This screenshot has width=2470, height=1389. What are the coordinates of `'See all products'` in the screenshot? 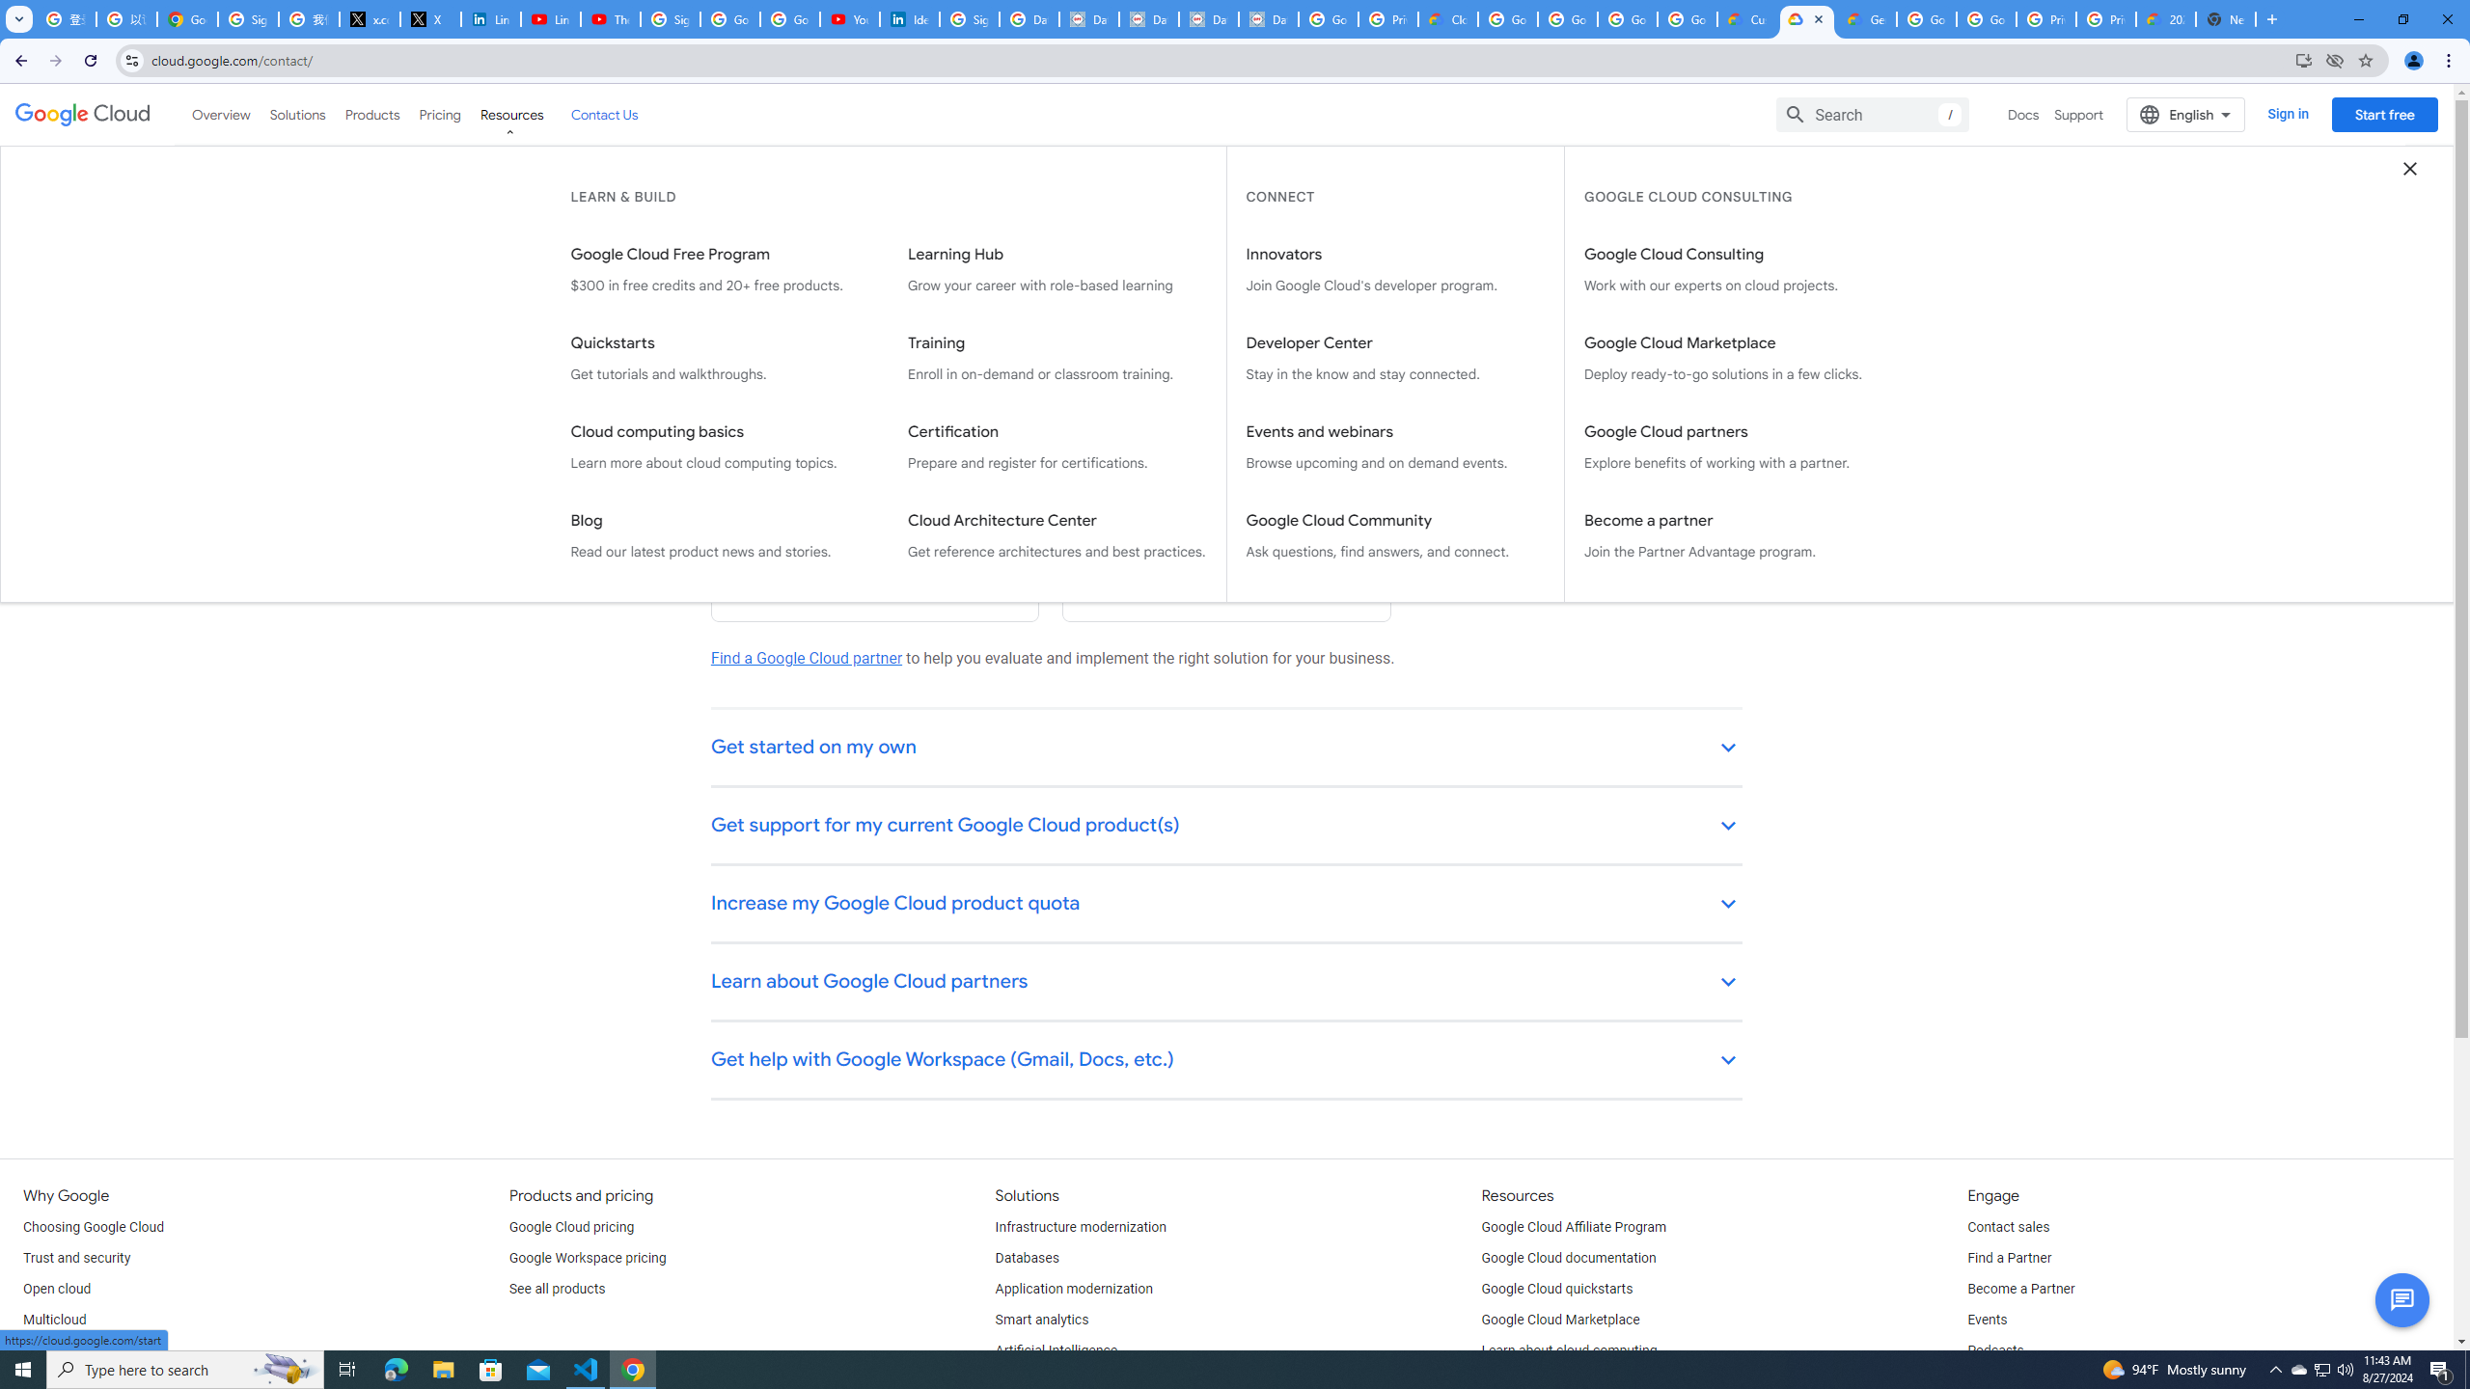 It's located at (556, 1289).